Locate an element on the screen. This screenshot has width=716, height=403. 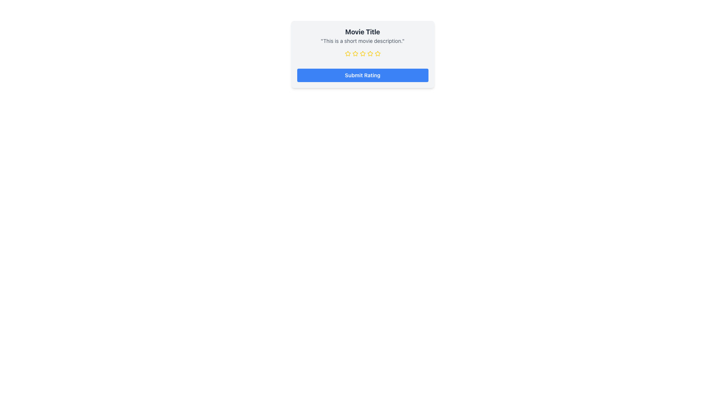
the fourth star in the star rating system, which is positioned below the title and description text, and above the blue 'Submit Rating' button is located at coordinates (370, 53).